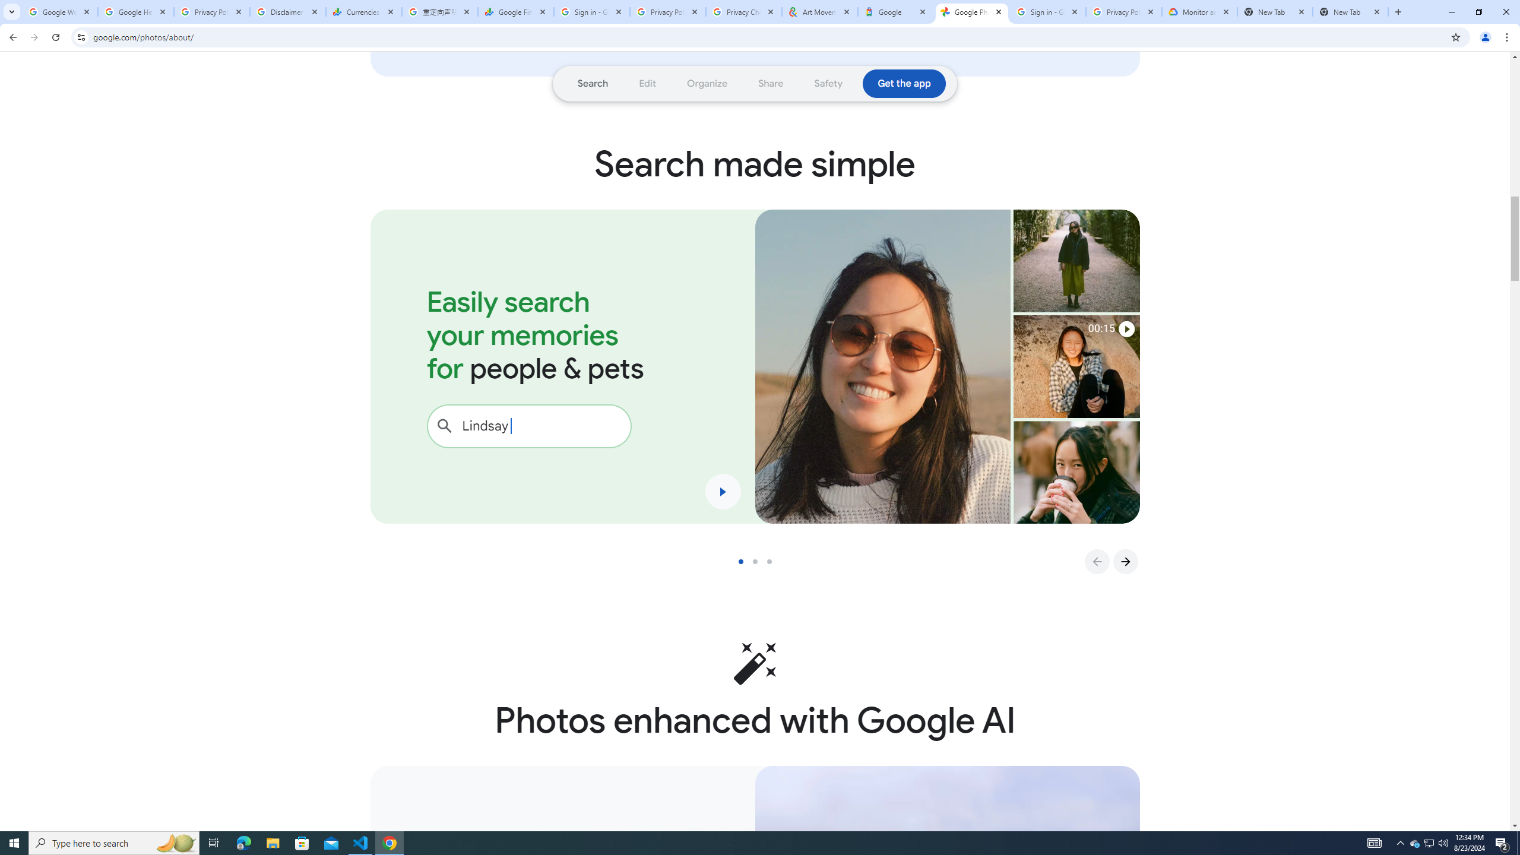 The width and height of the screenshot is (1520, 855). I want to click on 'New Tab', so click(1275, 11).